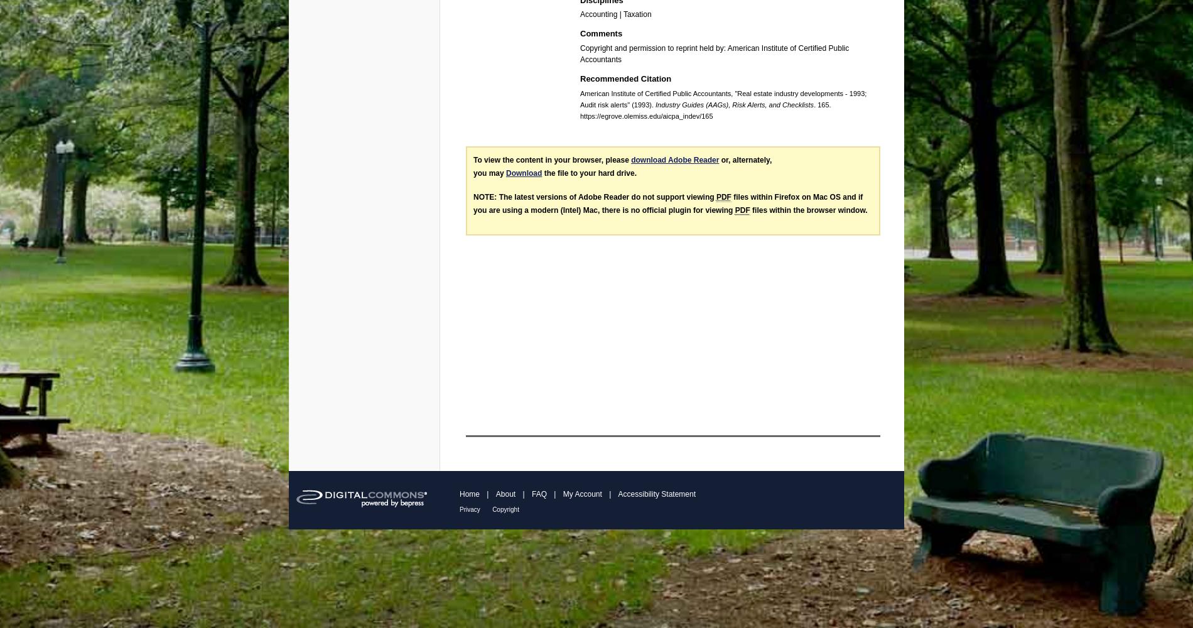  What do you see at coordinates (495, 494) in the screenshot?
I see `'About'` at bounding box center [495, 494].